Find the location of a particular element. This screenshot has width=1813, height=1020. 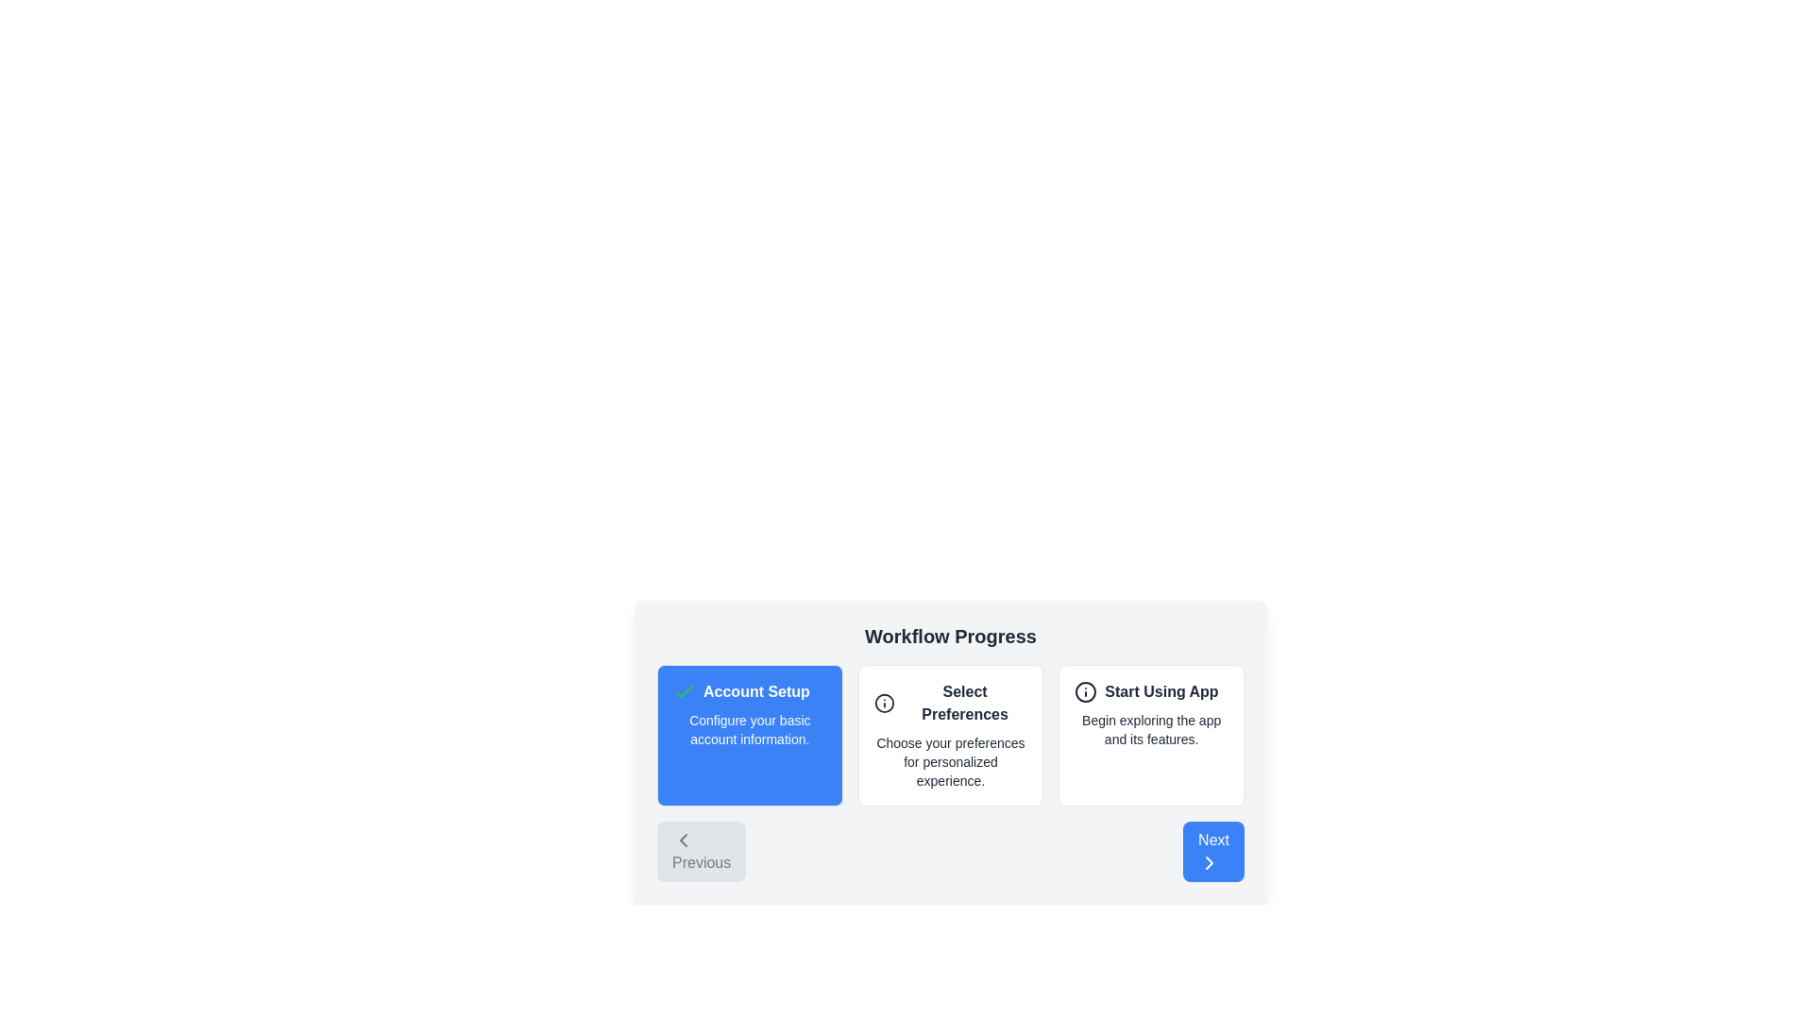

the outlined circle icon with a central dot located within the 'Select Preferences' component, positioned to the left of the text and between 'Account Setup' and 'Start Using App' is located at coordinates (883, 703).